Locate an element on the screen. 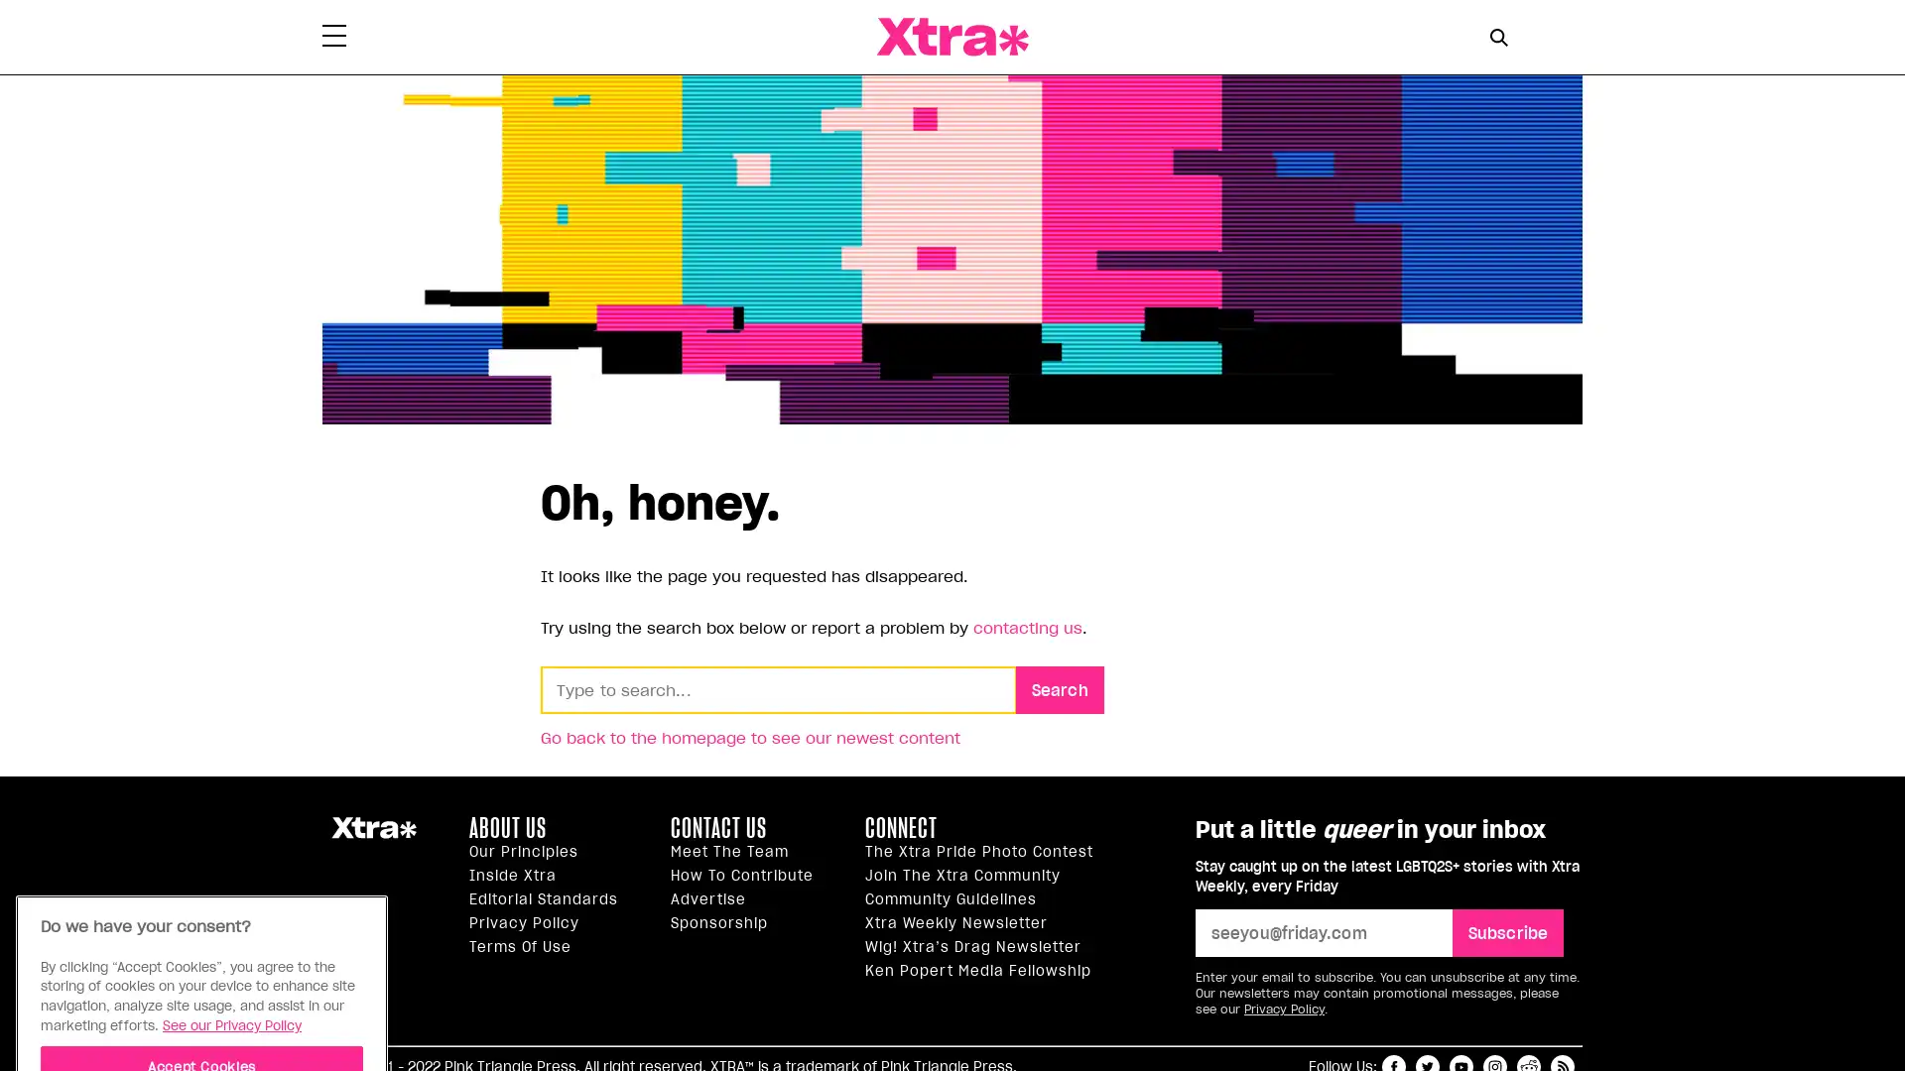  Search Button is located at coordinates (1498, 37).